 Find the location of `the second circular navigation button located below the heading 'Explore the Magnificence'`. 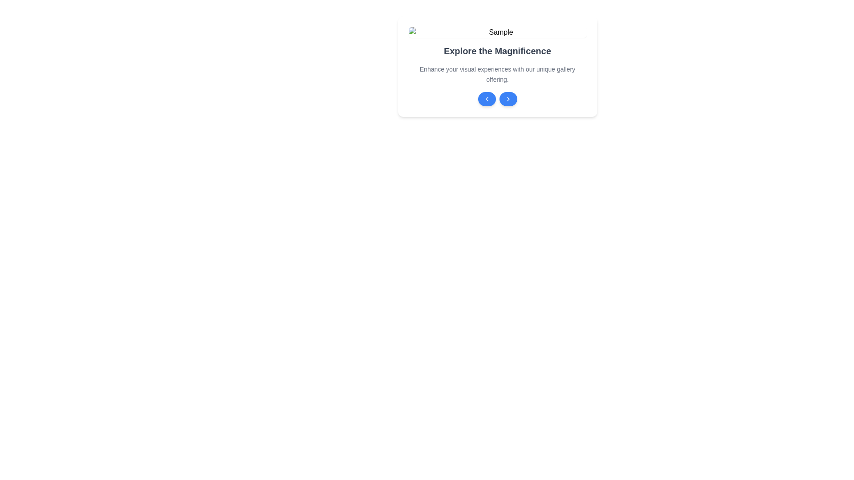

the second circular navigation button located below the heading 'Explore the Magnificence' is located at coordinates (508, 99).